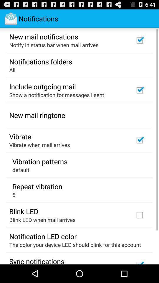  I want to click on app below the notification led color icon, so click(75, 245).